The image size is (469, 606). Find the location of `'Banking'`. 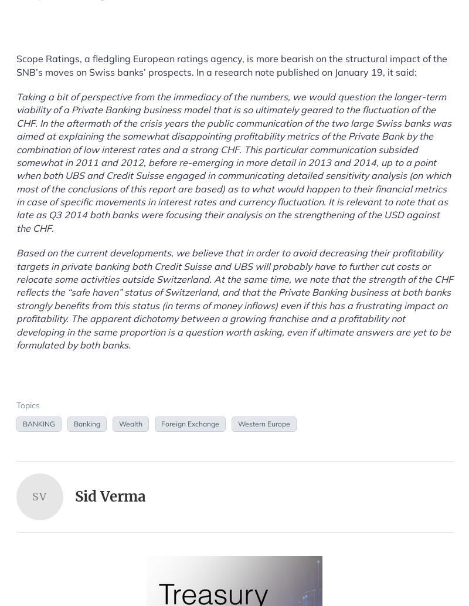

'Banking' is located at coordinates (87, 423).